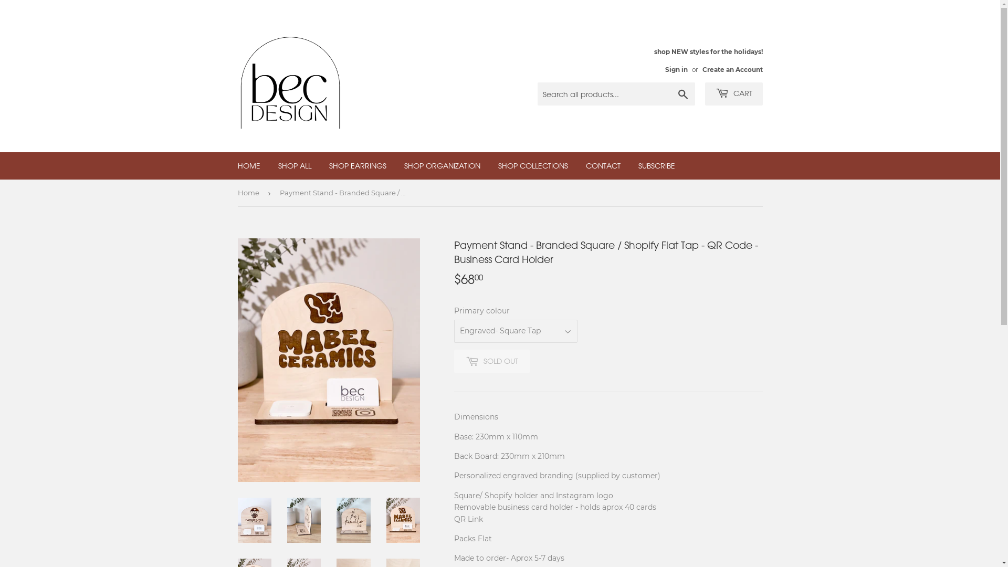  What do you see at coordinates (655, 165) in the screenshot?
I see `'SUBSCRIBE'` at bounding box center [655, 165].